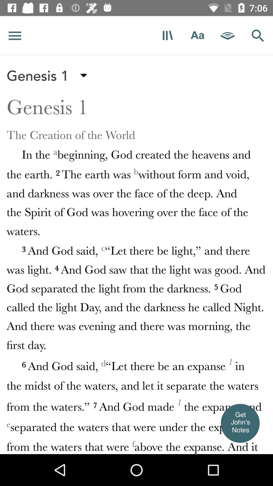 Image resolution: width=273 pixels, height=486 pixels. Describe the element at coordinates (228, 35) in the screenshot. I see `open in kindle app` at that location.